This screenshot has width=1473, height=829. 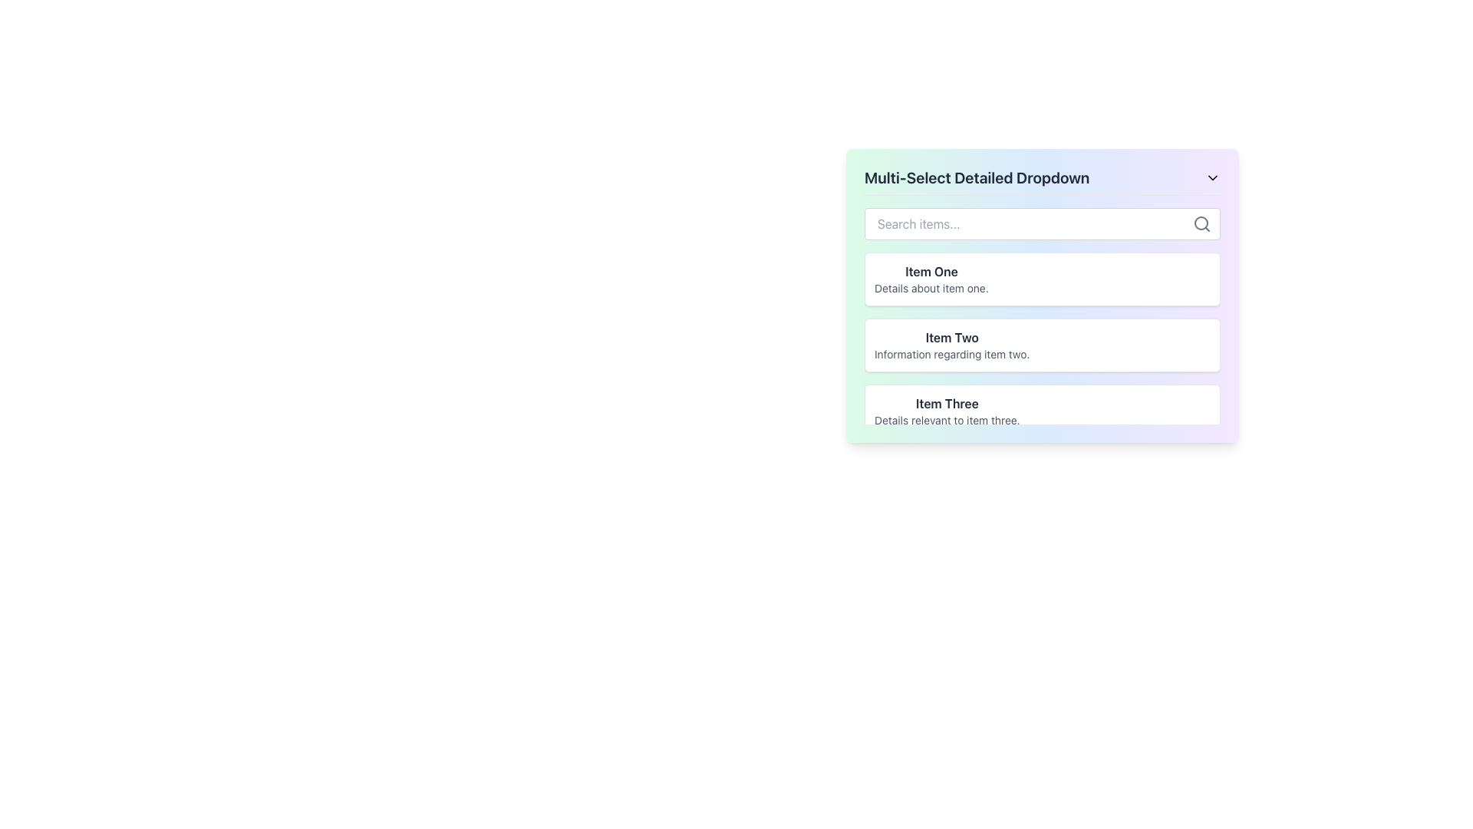 What do you see at coordinates (1042, 345) in the screenshot?
I see `the selectable list item labeled 'Item Two' in the dropdown menu` at bounding box center [1042, 345].